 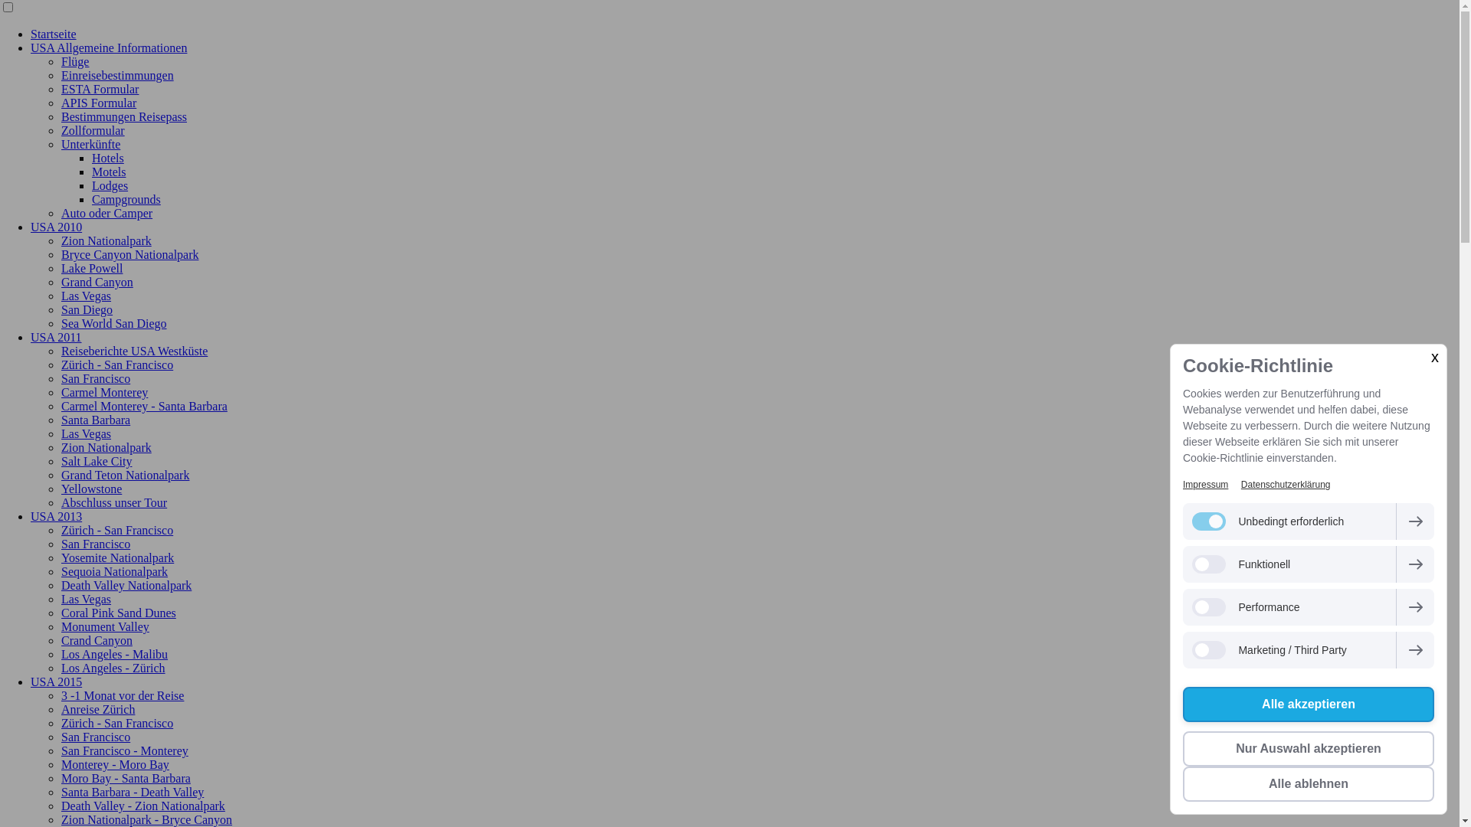 I want to click on 'APIS Formular', so click(x=98, y=103).